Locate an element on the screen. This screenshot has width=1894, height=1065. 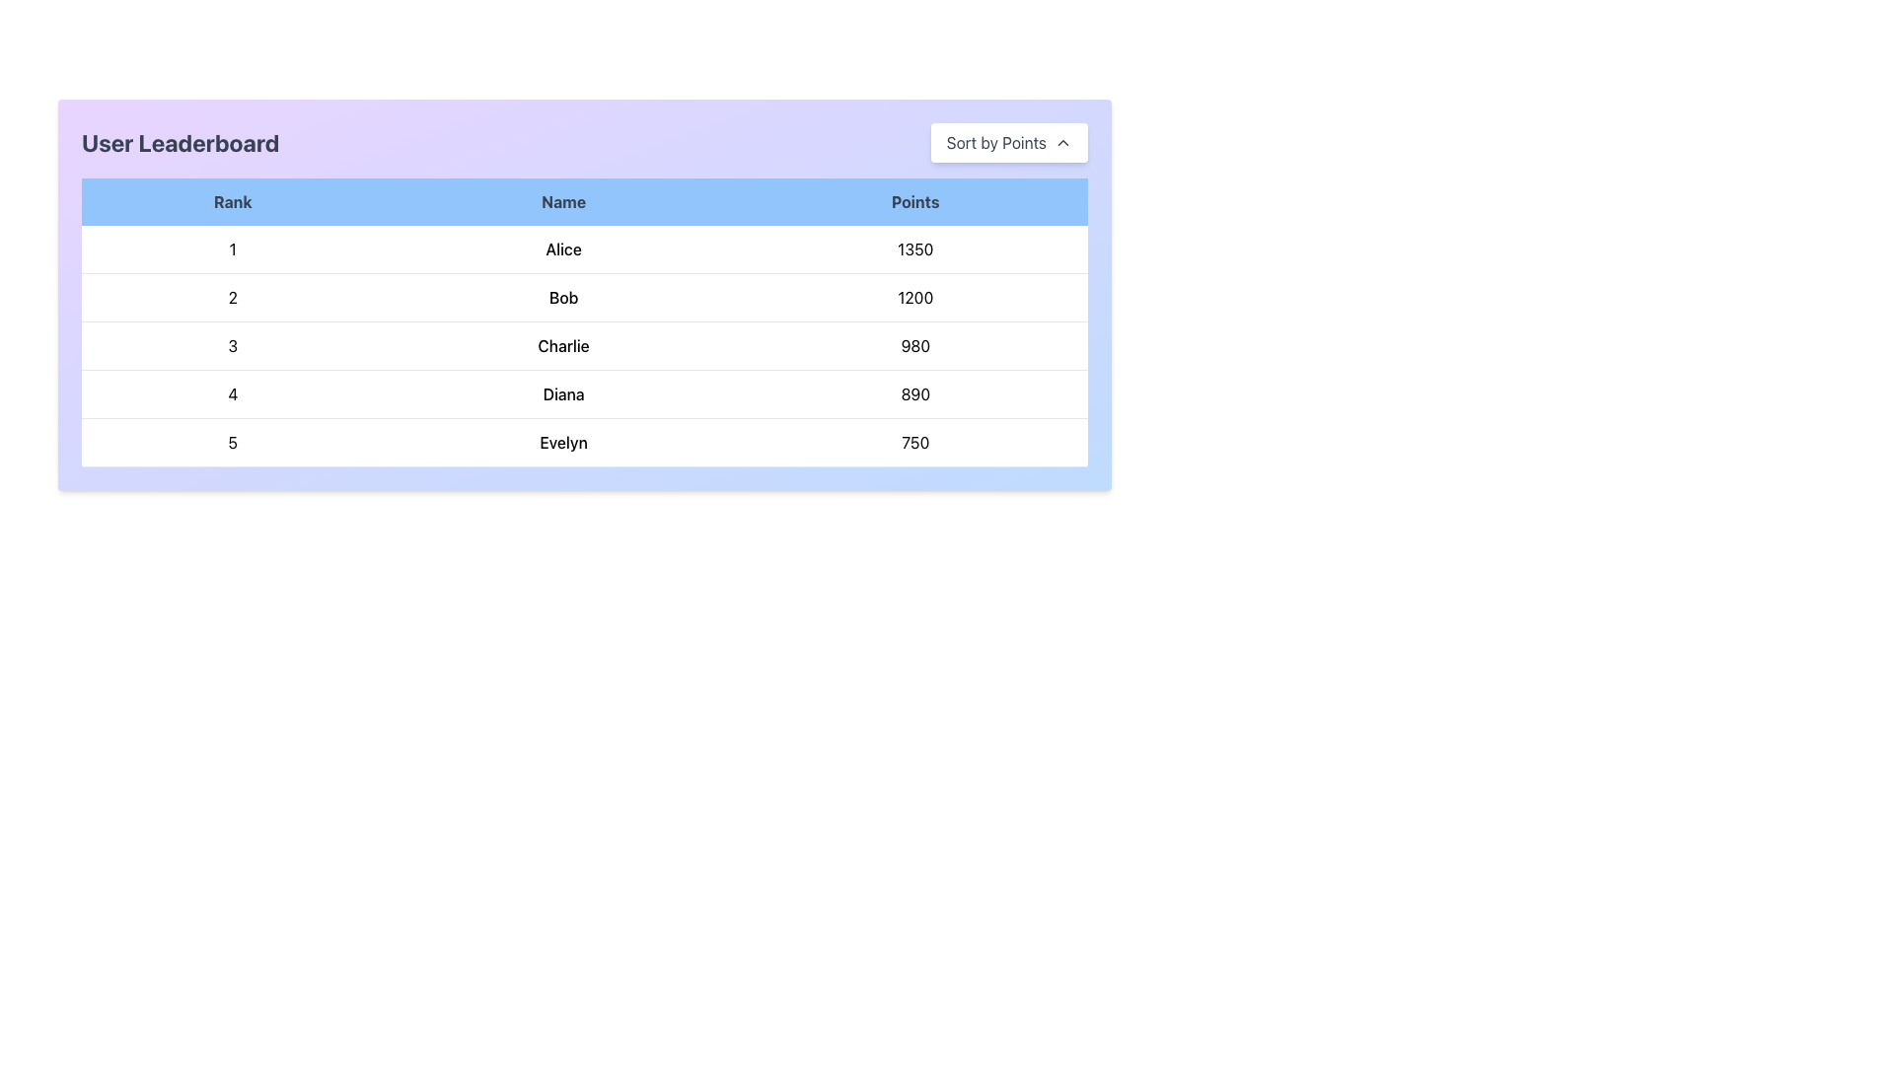
the text of the leaderboard entry for rank '3', name 'Charlie', and points '980' by moving the mouse to its center is located at coordinates (584, 345).